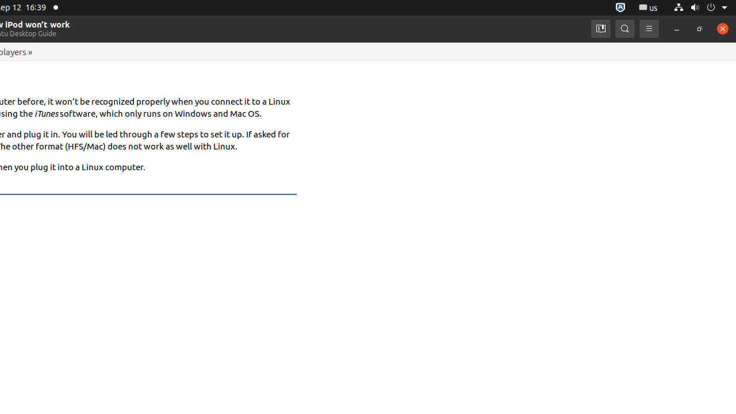  I want to click on 'Minimize', so click(676, 28).